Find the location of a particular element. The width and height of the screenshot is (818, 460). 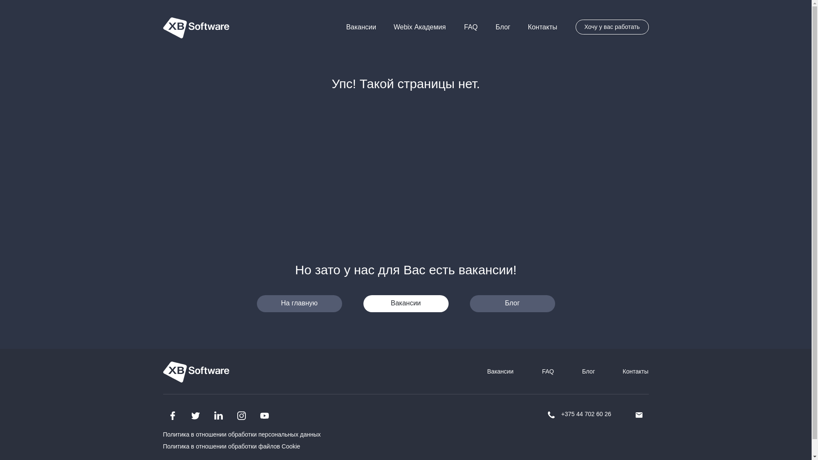

'FAQ' is located at coordinates (470, 26).